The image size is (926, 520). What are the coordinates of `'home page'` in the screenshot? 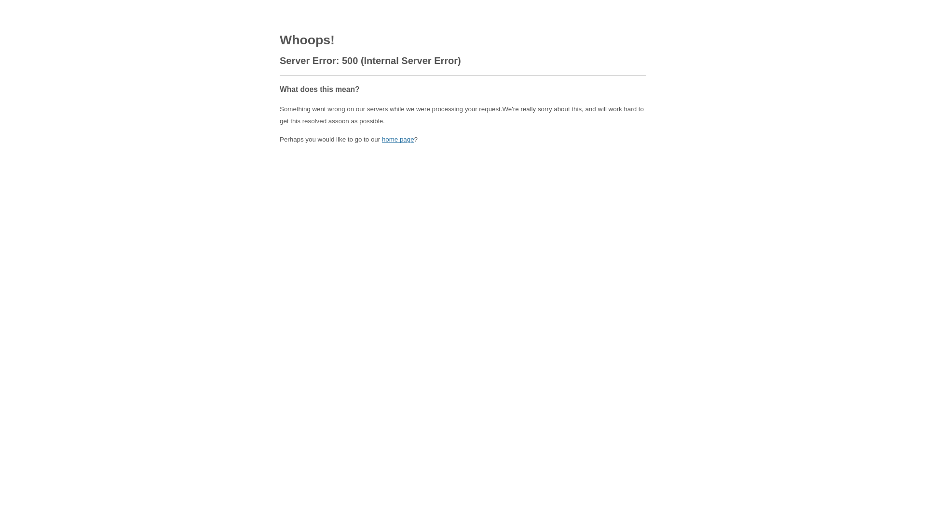 It's located at (398, 139).